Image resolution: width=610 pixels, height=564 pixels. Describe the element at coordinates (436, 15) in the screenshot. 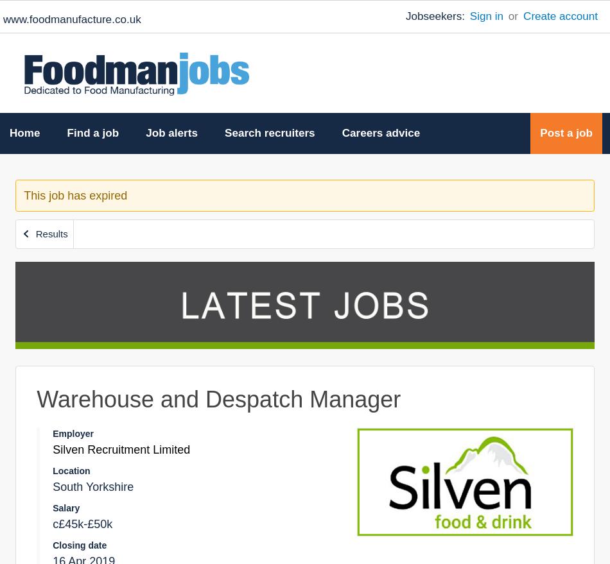

I see `'Jobseekers:'` at that location.